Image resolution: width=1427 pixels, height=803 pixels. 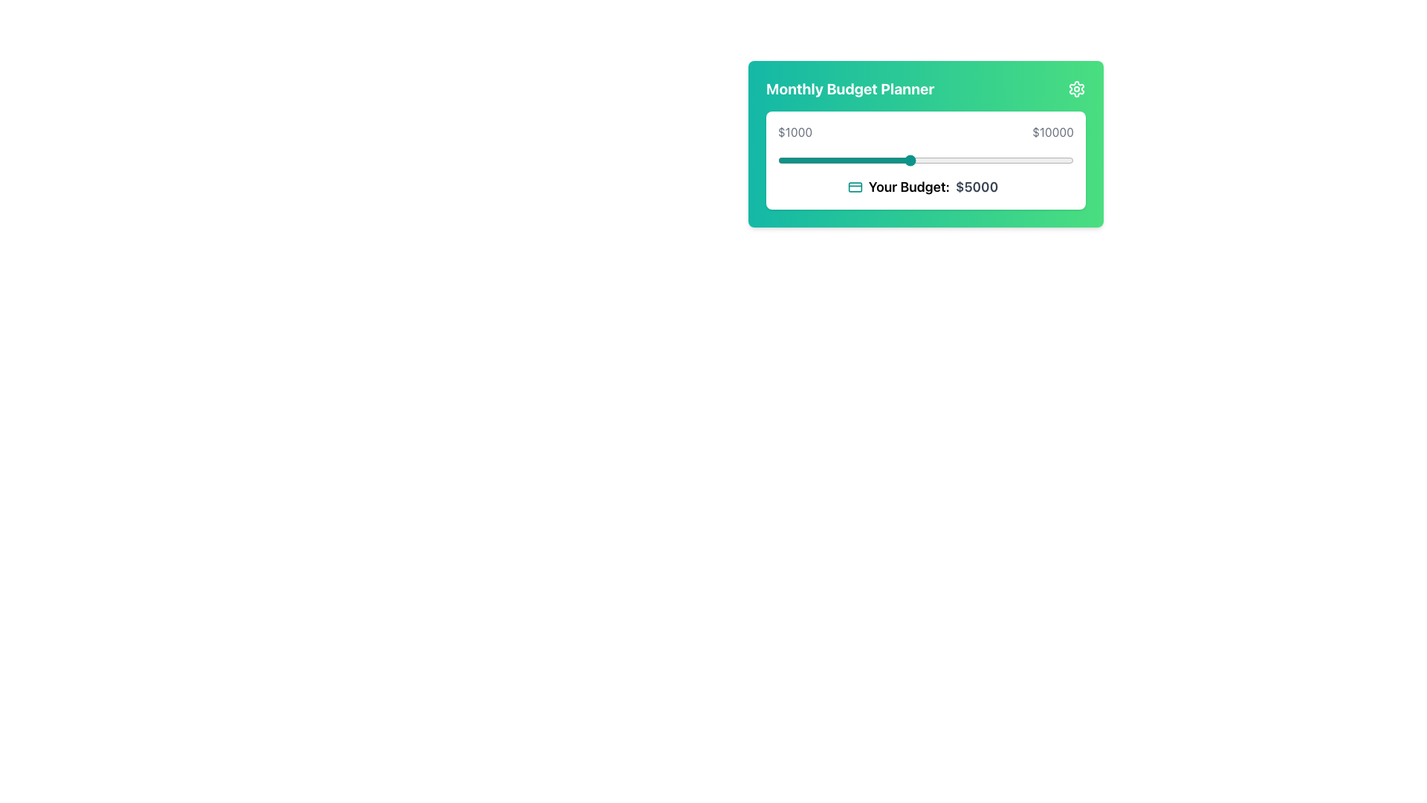 What do you see at coordinates (1077, 88) in the screenshot?
I see `the settings icon button located` at bounding box center [1077, 88].